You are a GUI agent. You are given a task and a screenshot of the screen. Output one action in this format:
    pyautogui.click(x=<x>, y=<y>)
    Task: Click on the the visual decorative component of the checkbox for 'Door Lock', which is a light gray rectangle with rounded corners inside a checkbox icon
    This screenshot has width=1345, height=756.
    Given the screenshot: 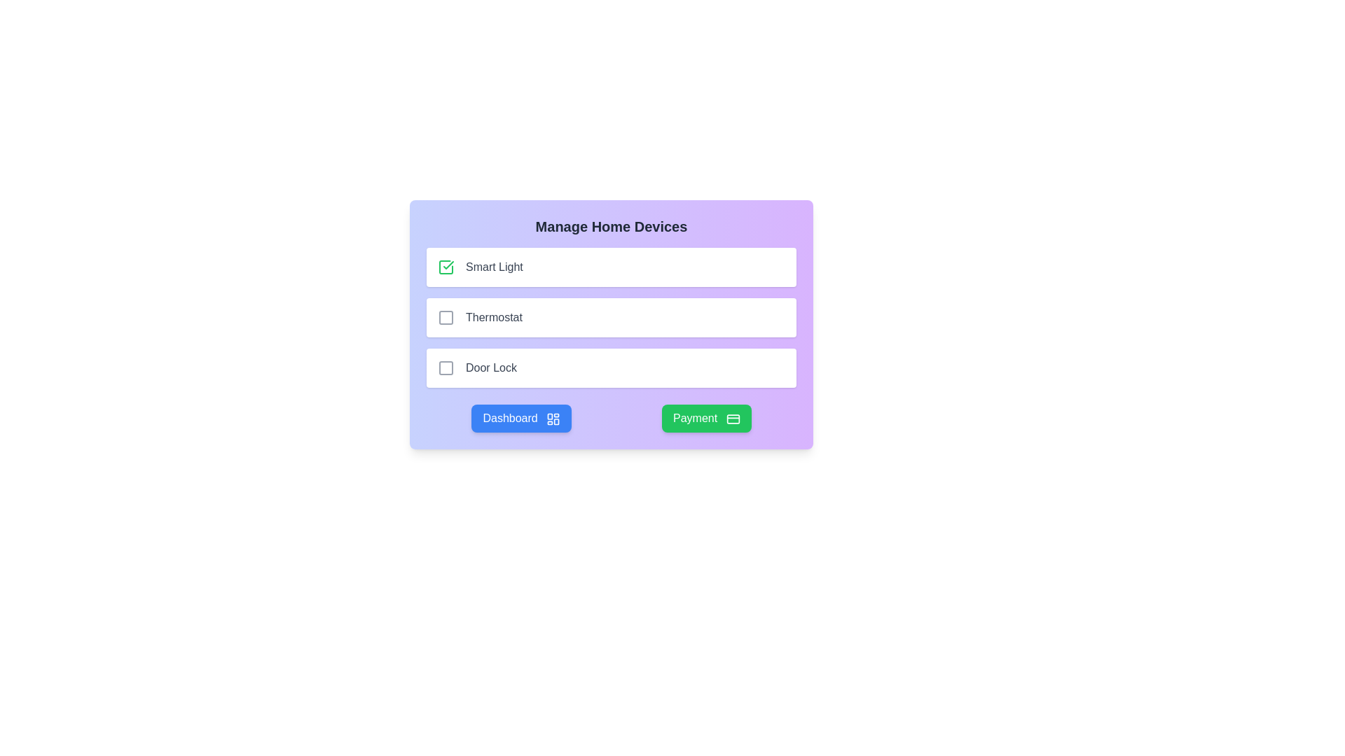 What is the action you would take?
    pyautogui.click(x=446, y=367)
    